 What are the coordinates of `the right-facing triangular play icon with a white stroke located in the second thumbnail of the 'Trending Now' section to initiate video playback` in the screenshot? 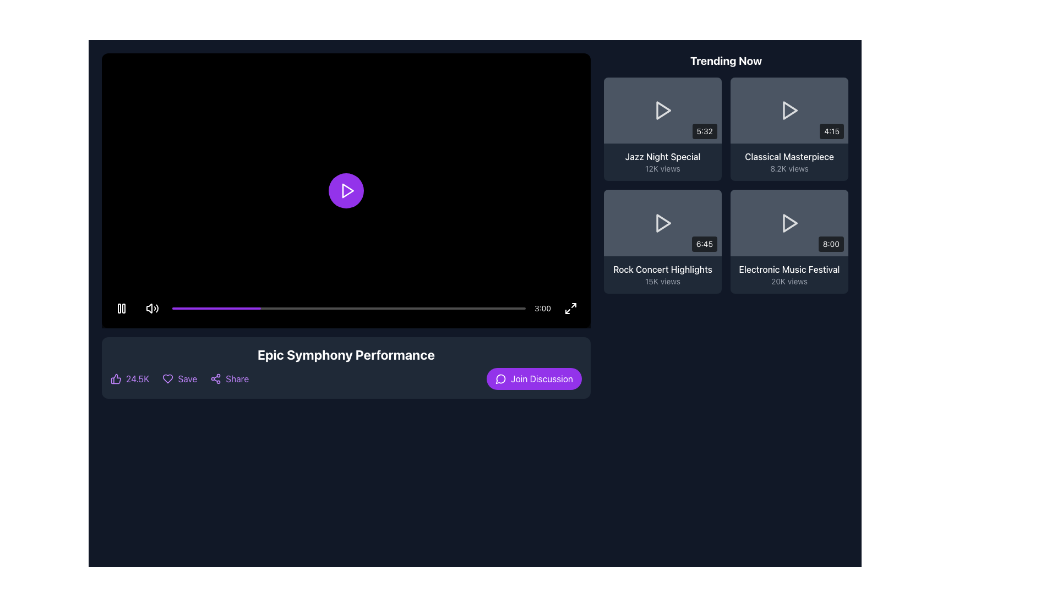 It's located at (789, 110).